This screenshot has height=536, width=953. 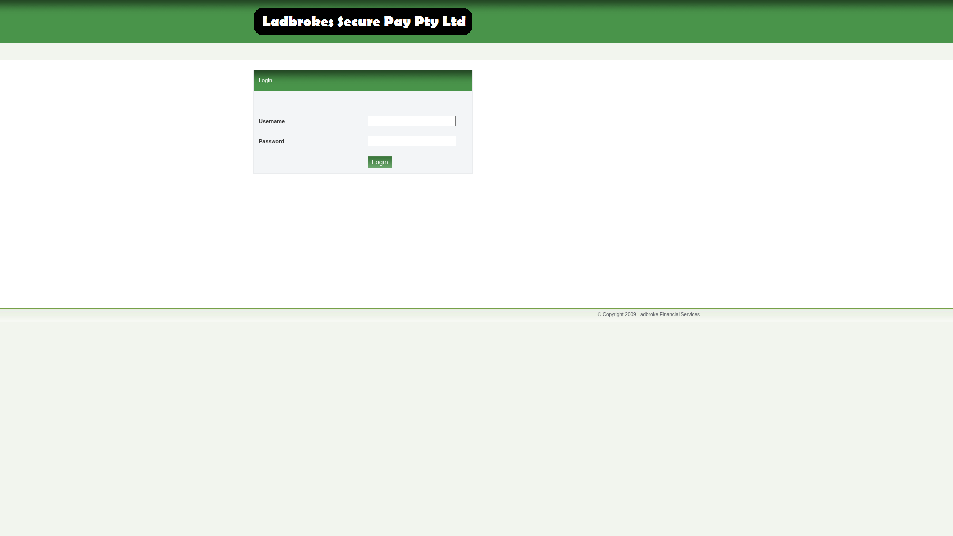 I want to click on 'Login', so click(x=379, y=162).